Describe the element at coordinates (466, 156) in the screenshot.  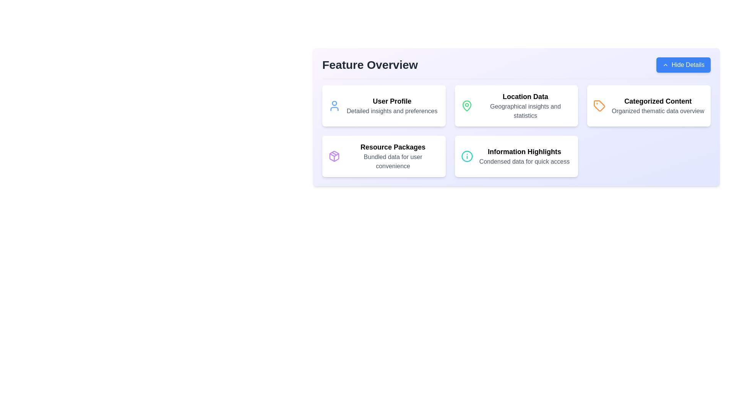
I see `the Circular SVG graphical element located in the middle-top portion of the 'Information Highlights' tile` at that location.